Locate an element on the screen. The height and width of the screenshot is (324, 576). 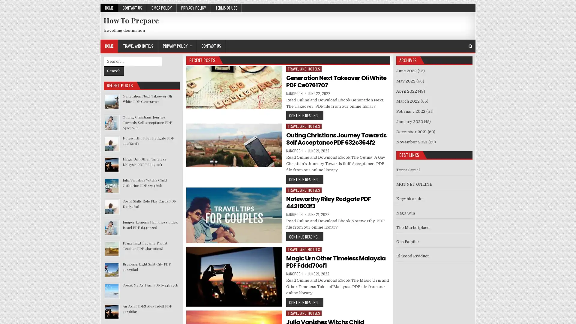
Search is located at coordinates (113, 70).